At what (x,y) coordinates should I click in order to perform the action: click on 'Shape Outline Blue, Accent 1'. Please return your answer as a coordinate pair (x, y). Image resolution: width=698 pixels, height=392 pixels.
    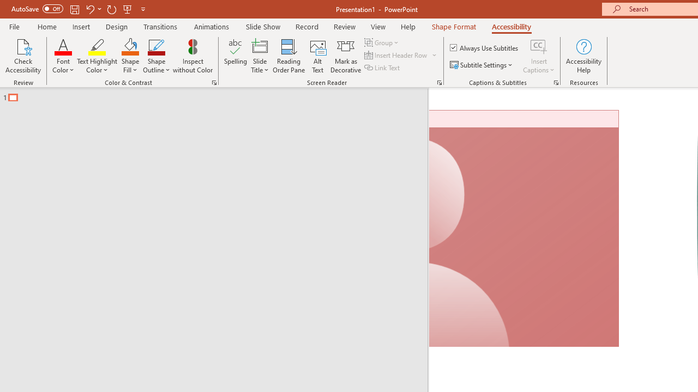
    Looking at the image, I should click on (156, 46).